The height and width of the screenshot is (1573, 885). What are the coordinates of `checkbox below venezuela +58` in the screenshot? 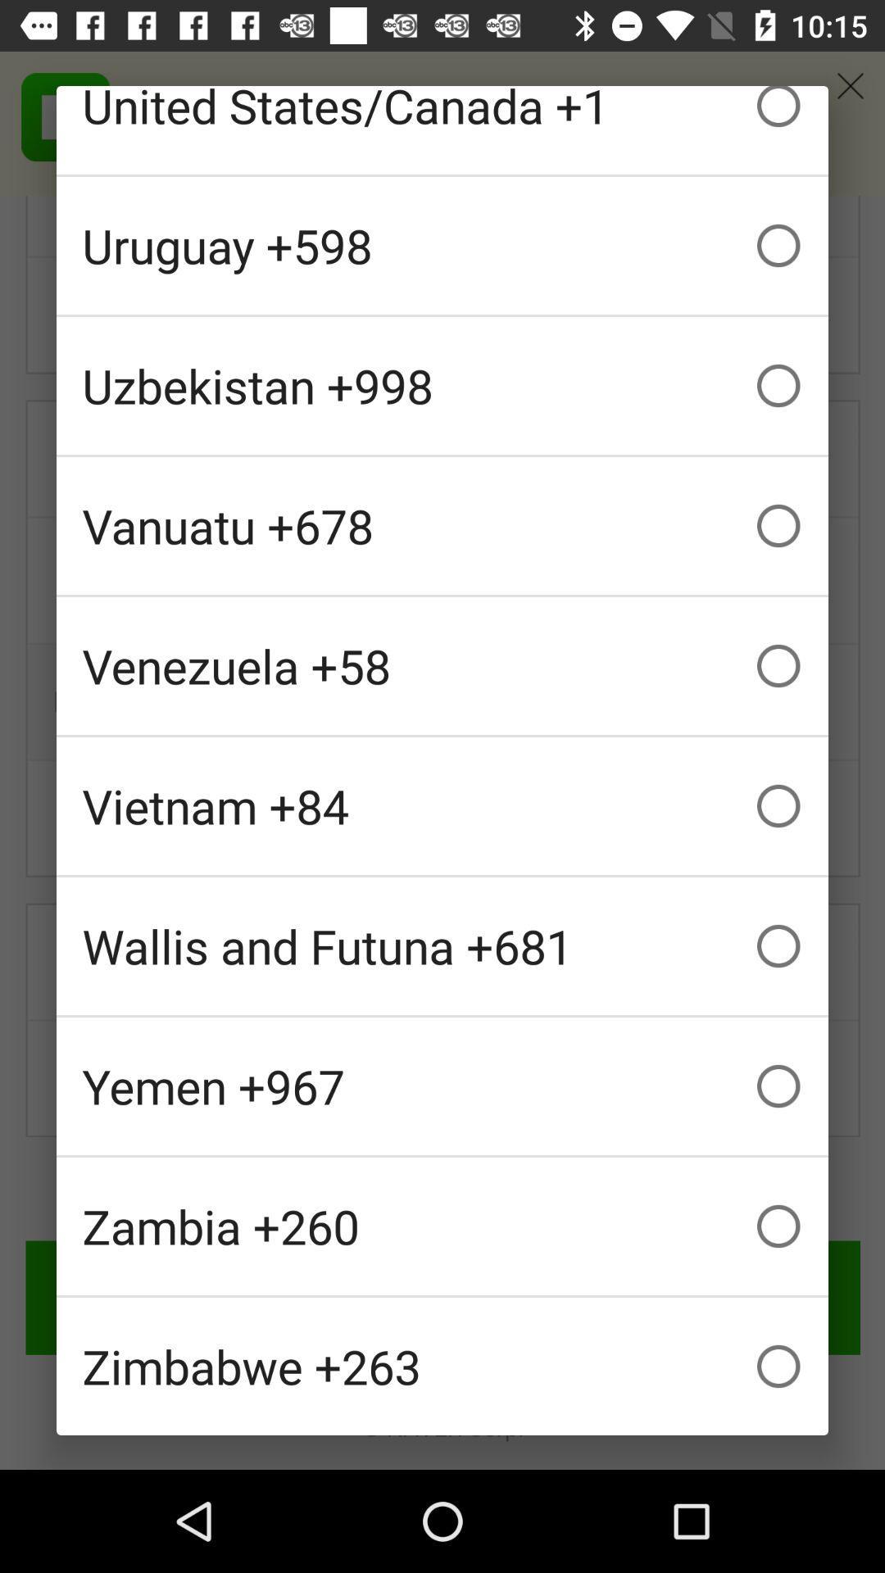 It's located at (442, 805).